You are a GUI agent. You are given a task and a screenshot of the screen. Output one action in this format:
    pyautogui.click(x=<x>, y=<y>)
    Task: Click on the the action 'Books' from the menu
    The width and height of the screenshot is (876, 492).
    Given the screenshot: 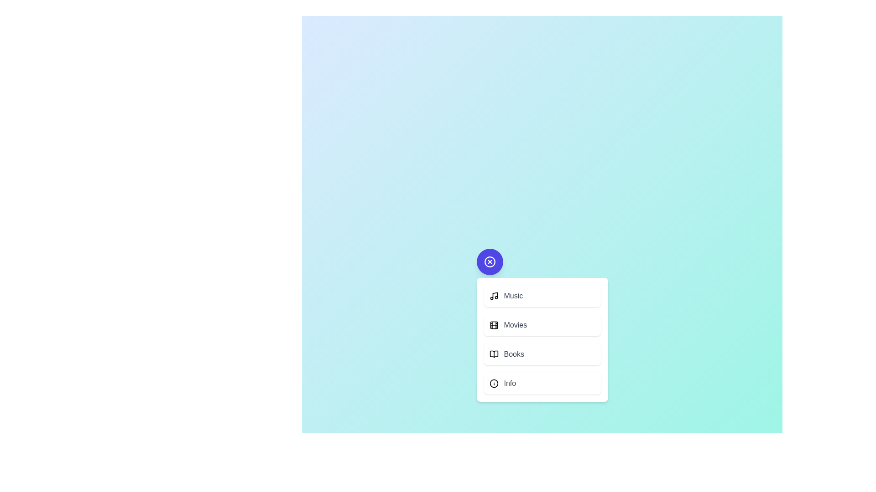 What is the action you would take?
    pyautogui.click(x=542, y=354)
    